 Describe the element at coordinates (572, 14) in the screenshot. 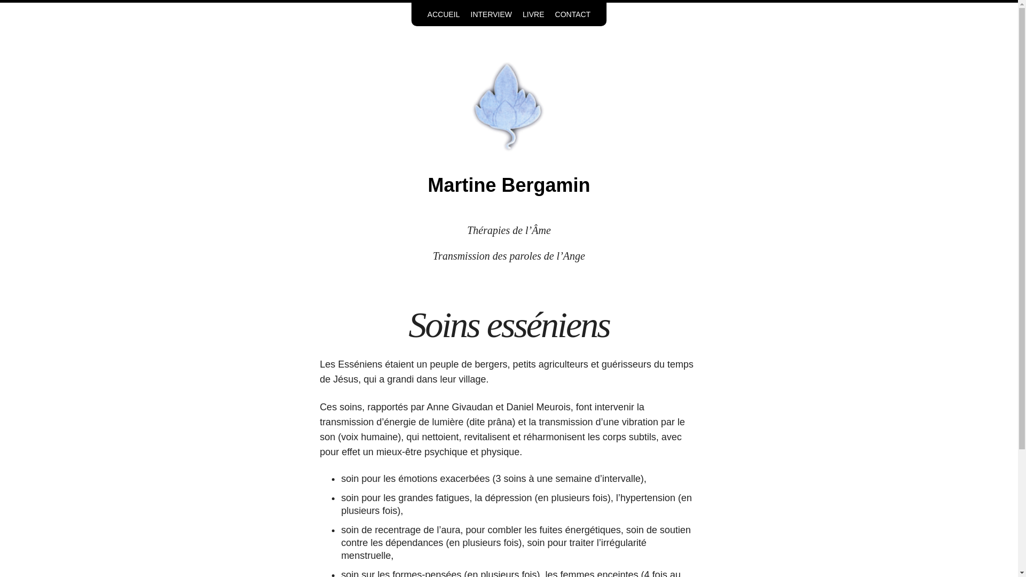

I see `'CONTACT'` at that location.